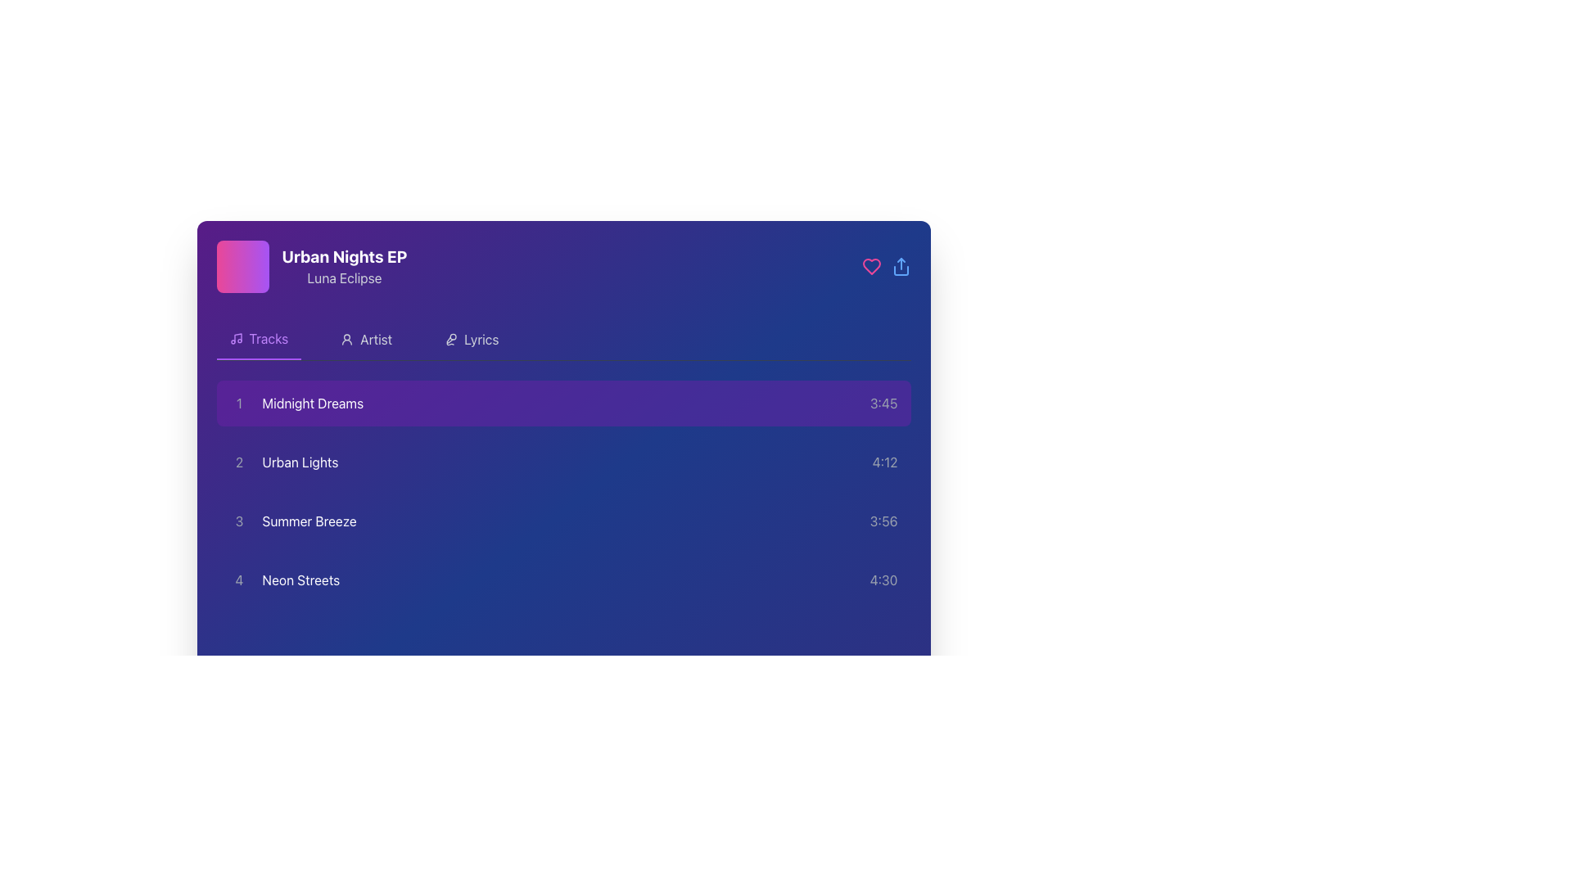 Image resolution: width=1572 pixels, height=884 pixels. Describe the element at coordinates (283, 462) in the screenshot. I see `the track list item representing 'Urban Lights', which is the second item` at that location.